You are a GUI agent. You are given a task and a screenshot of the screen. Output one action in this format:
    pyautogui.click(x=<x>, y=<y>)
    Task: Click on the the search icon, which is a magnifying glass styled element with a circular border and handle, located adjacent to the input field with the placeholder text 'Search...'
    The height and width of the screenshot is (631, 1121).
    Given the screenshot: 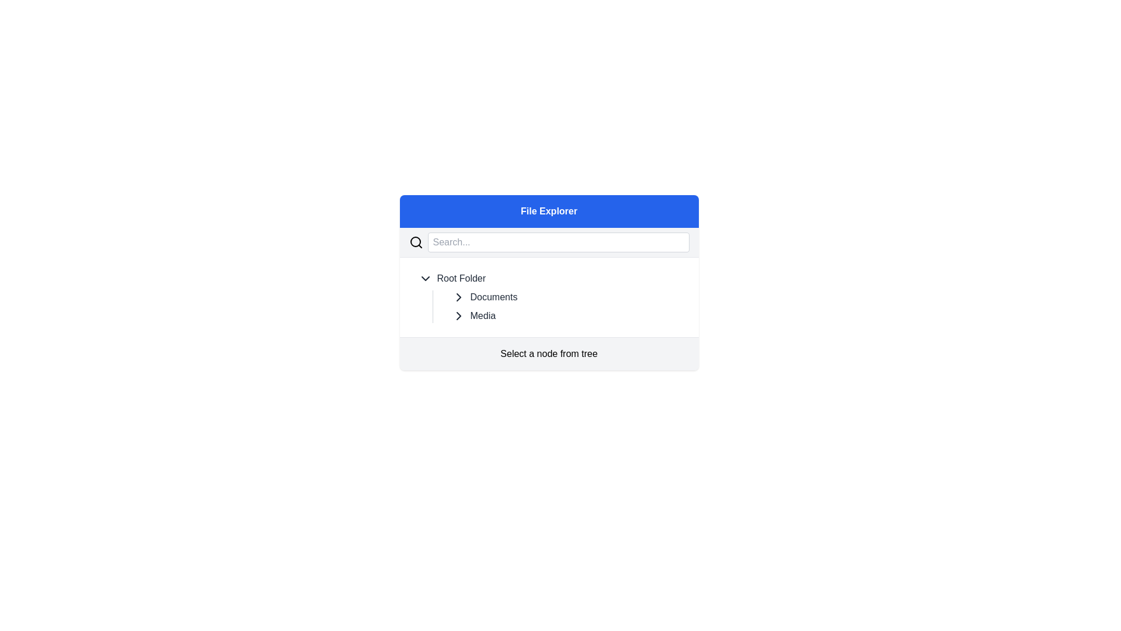 What is the action you would take?
    pyautogui.click(x=416, y=242)
    